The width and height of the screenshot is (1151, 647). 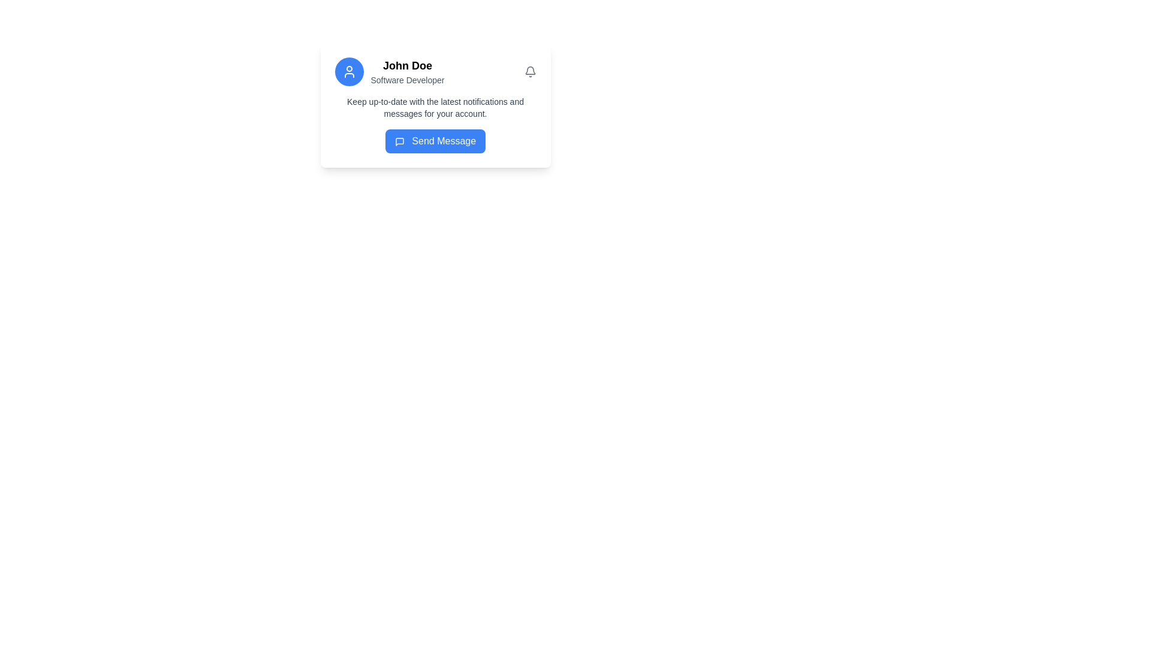 What do you see at coordinates (399, 141) in the screenshot?
I see `the icon representing the action of sending a message, located within the blue 'Send Message' button near the bottom center of the card interface` at bounding box center [399, 141].